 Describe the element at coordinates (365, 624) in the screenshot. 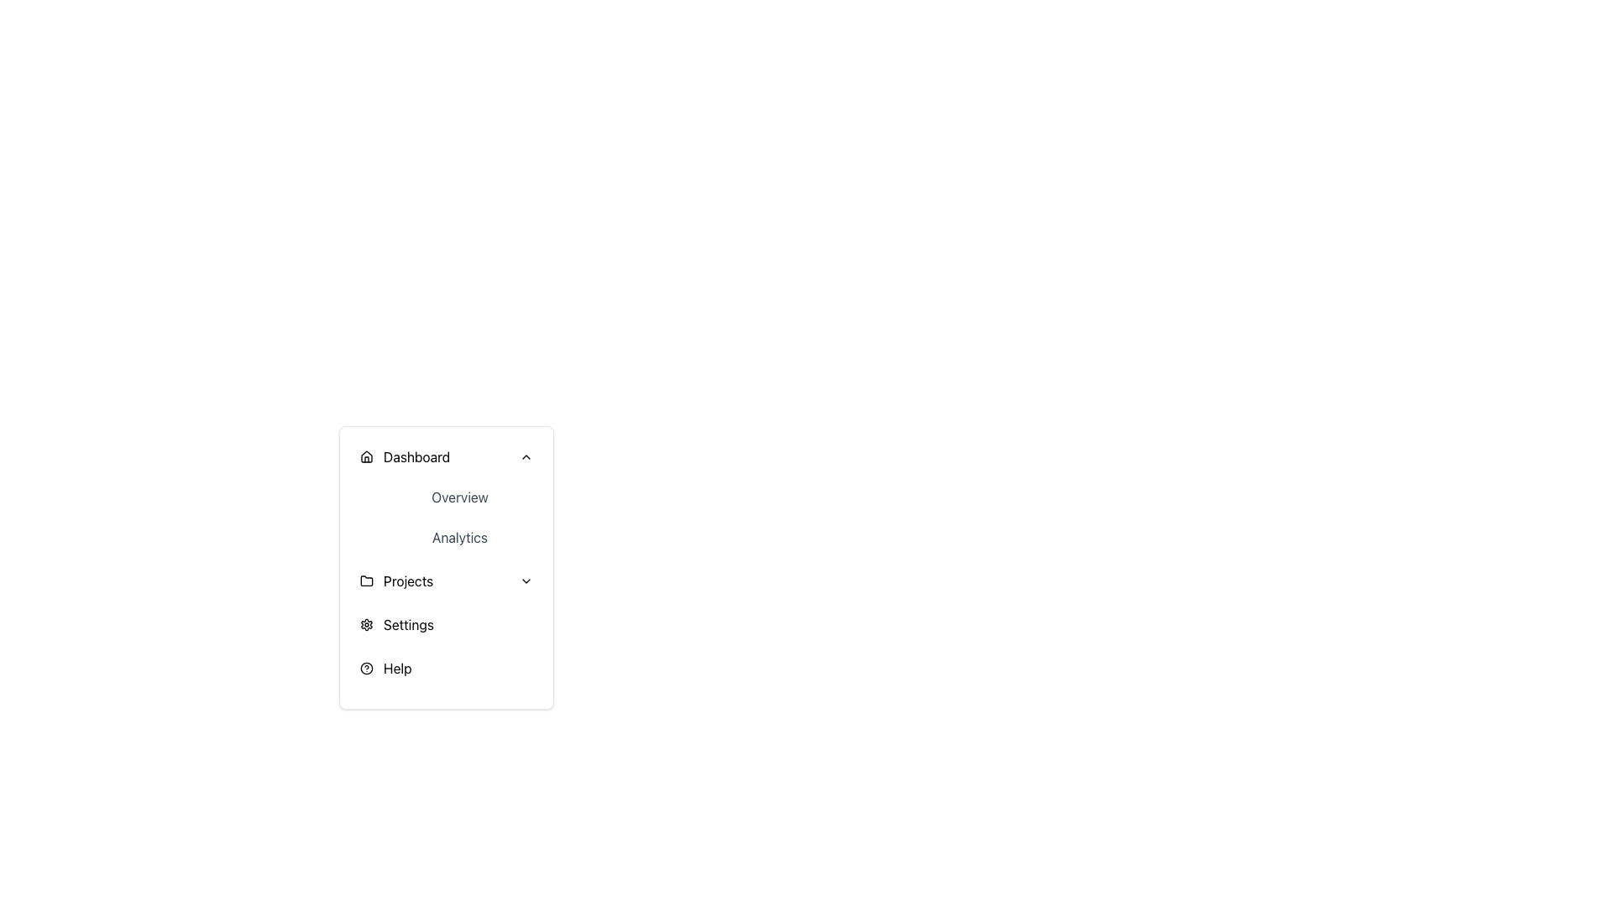

I see `the circular gear icon to the left of the 'Settings' label in the menu` at that location.